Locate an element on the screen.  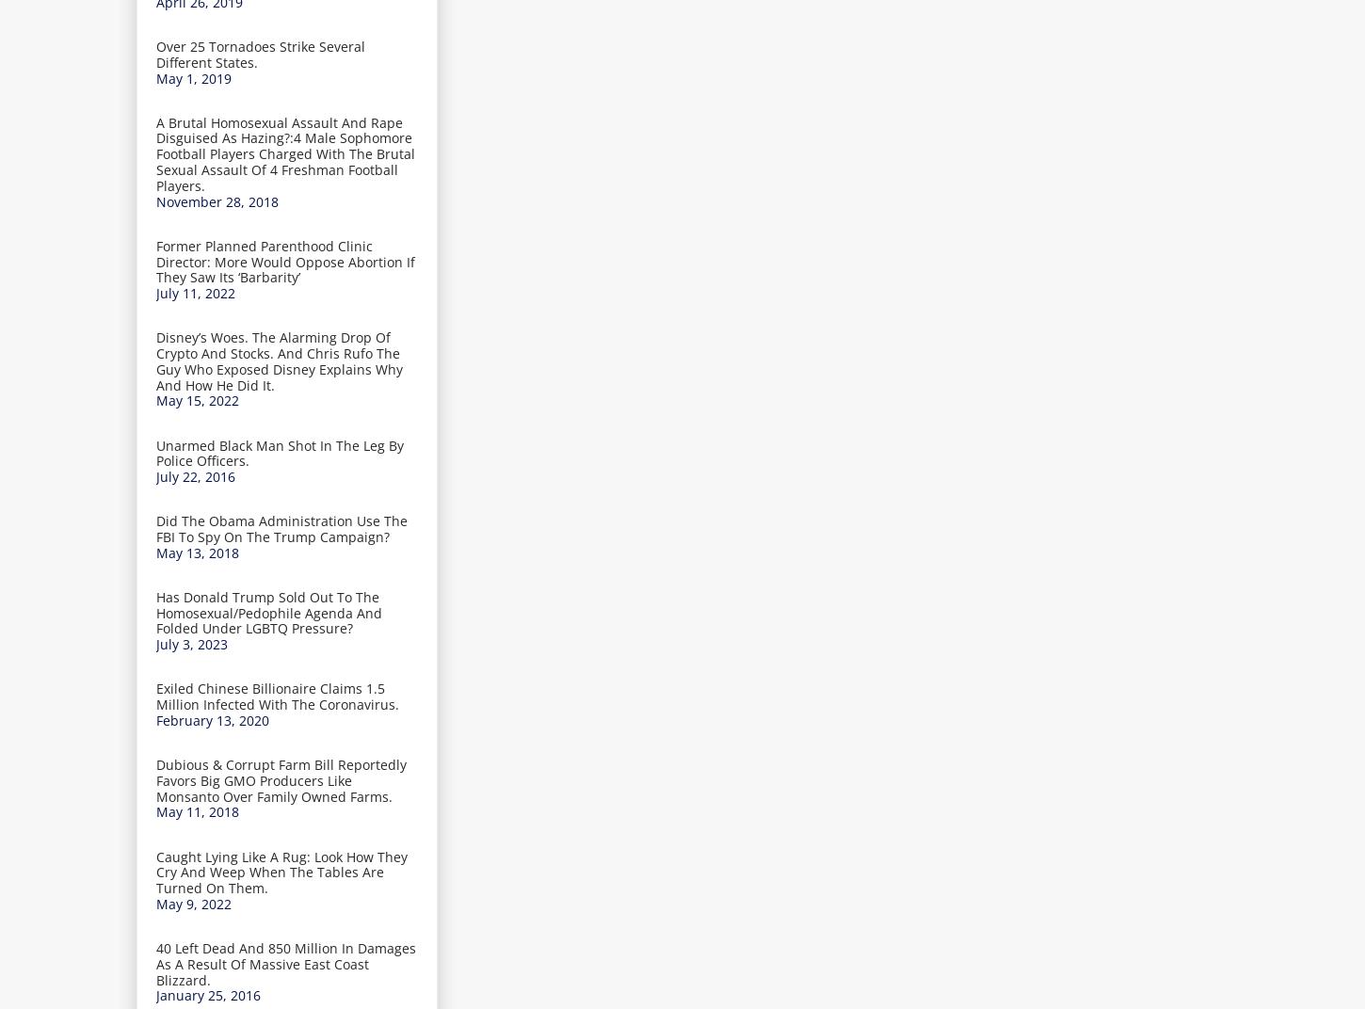
'November 28, 2018' is located at coordinates (216, 200).